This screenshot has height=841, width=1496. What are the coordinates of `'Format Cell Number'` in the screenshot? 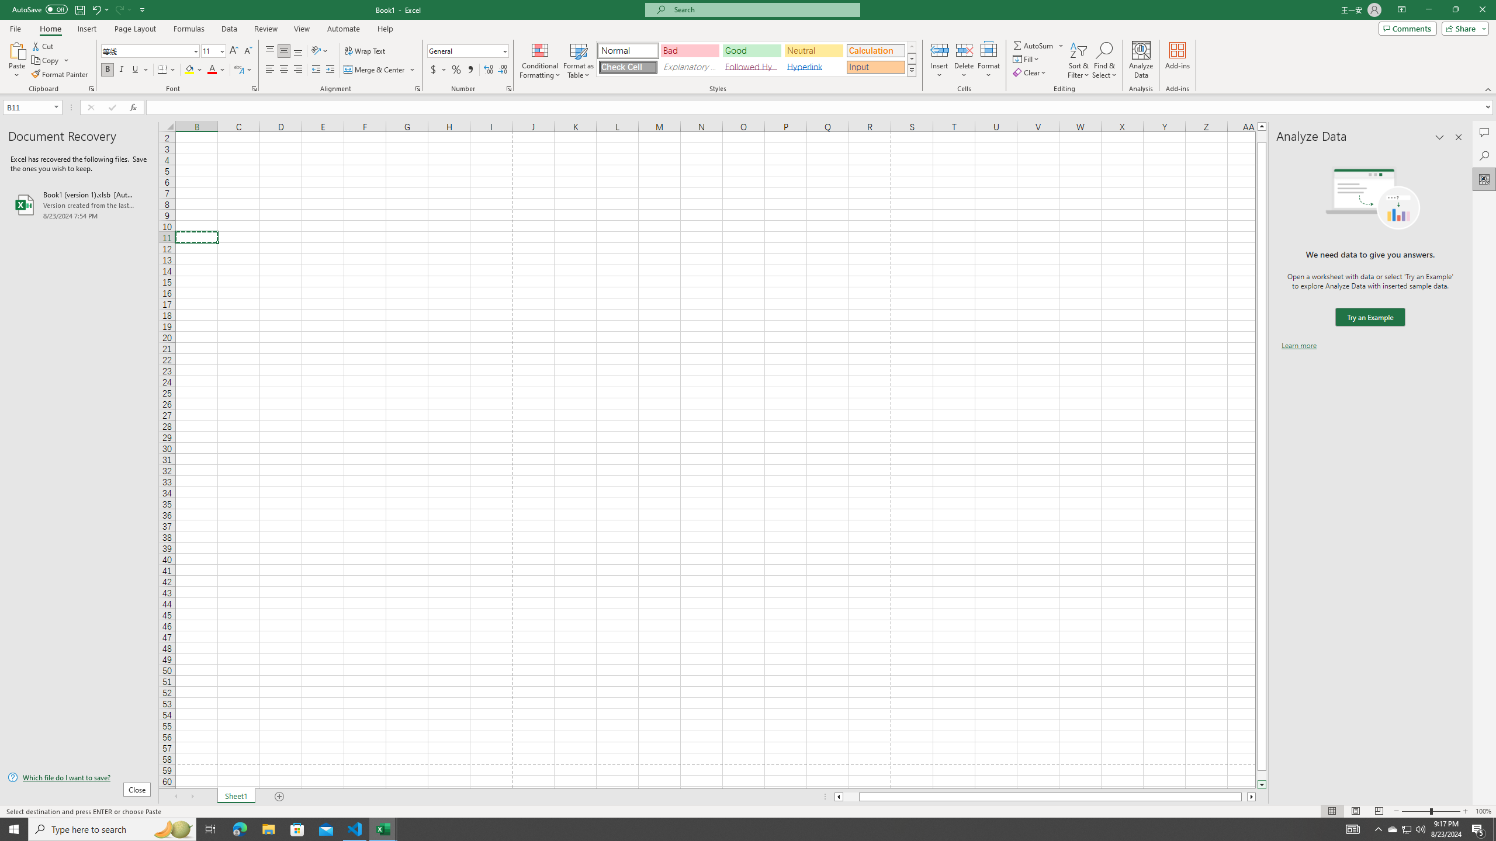 It's located at (508, 88).